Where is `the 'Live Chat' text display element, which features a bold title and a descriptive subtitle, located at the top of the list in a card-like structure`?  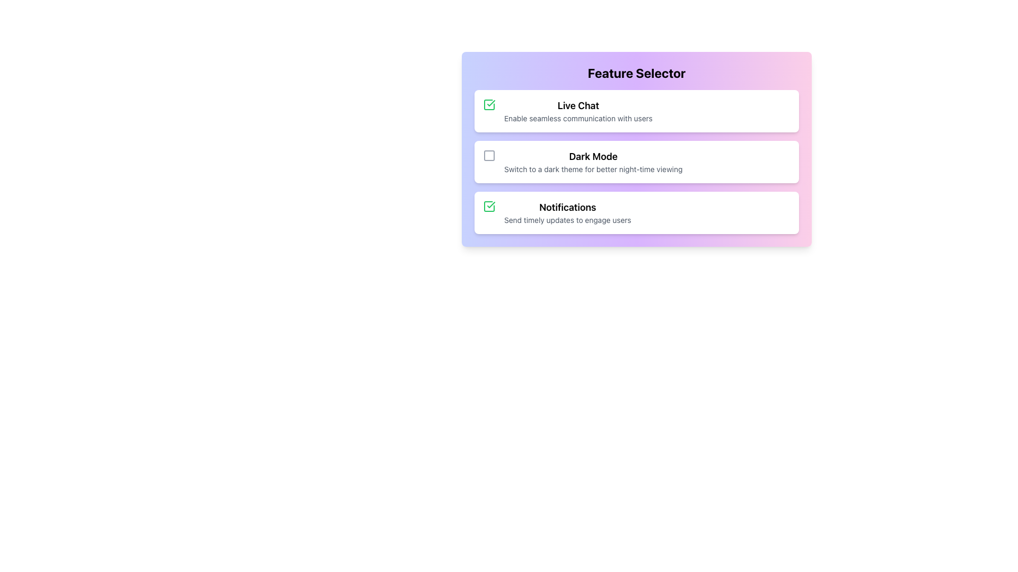 the 'Live Chat' text display element, which features a bold title and a descriptive subtitle, located at the top of the list in a card-like structure is located at coordinates (577, 111).